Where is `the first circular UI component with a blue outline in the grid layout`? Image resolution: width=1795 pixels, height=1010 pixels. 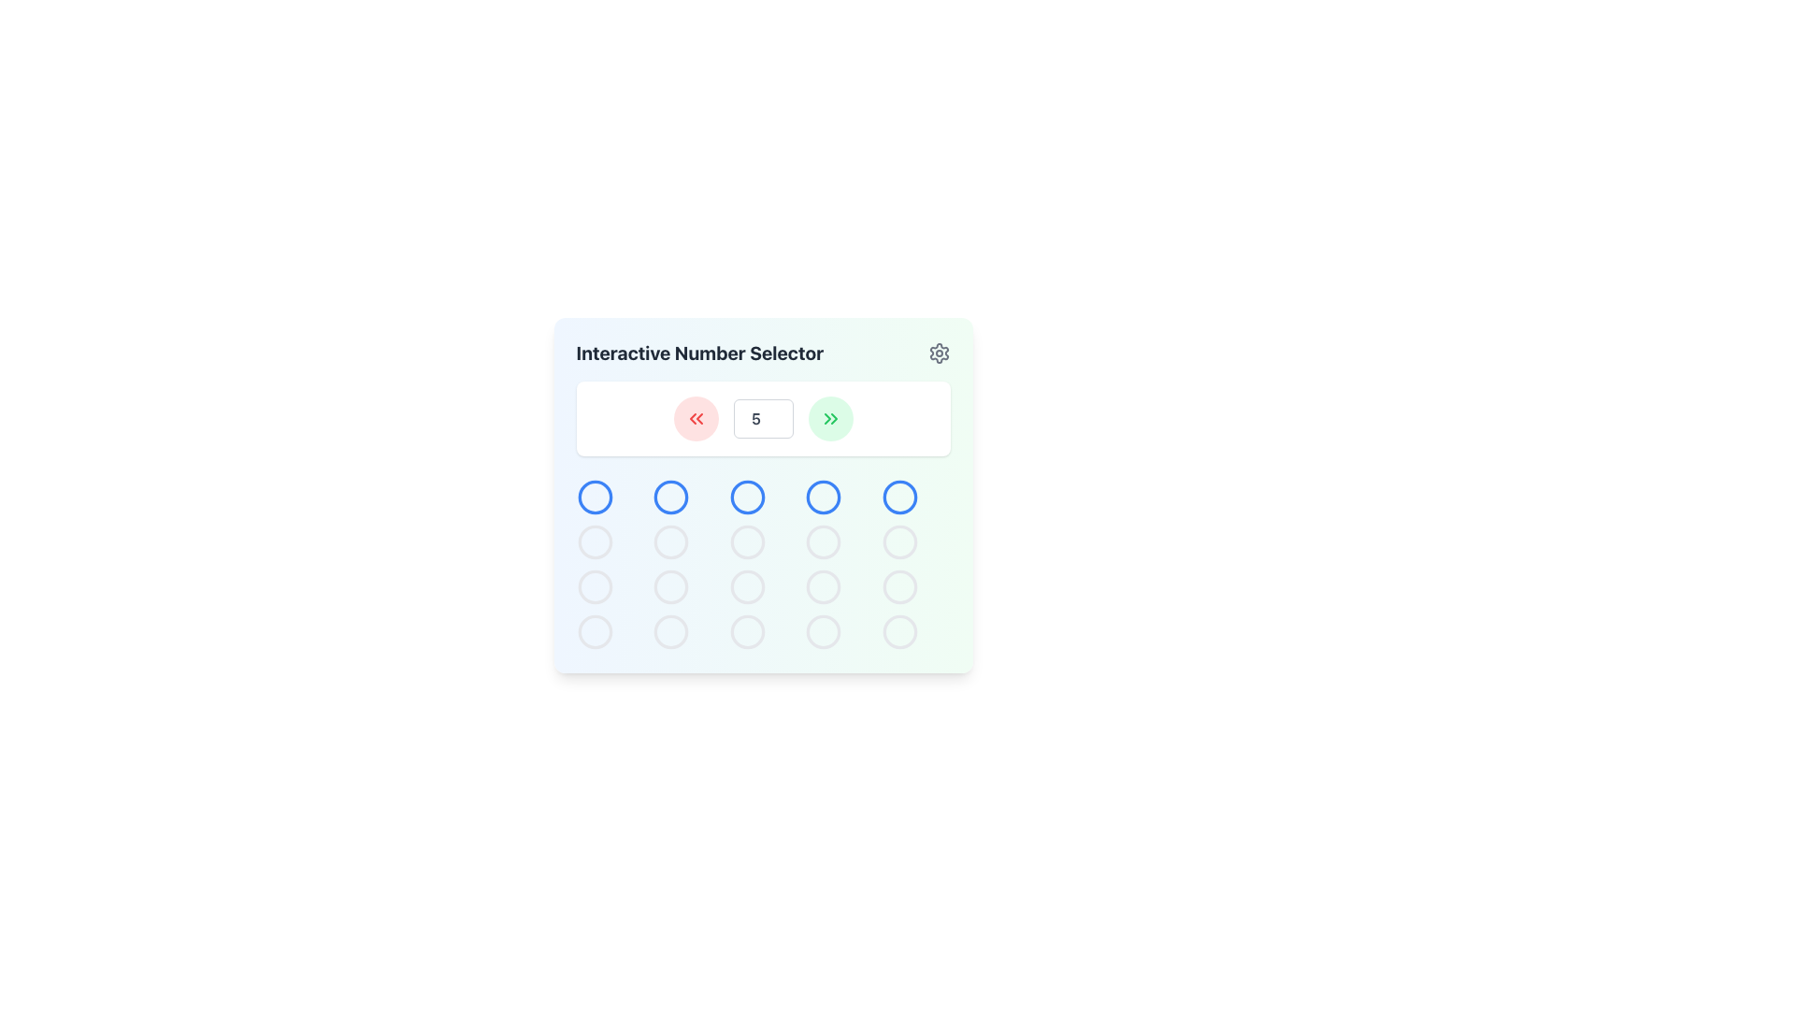 the first circular UI component with a blue outline in the grid layout is located at coordinates (594, 497).